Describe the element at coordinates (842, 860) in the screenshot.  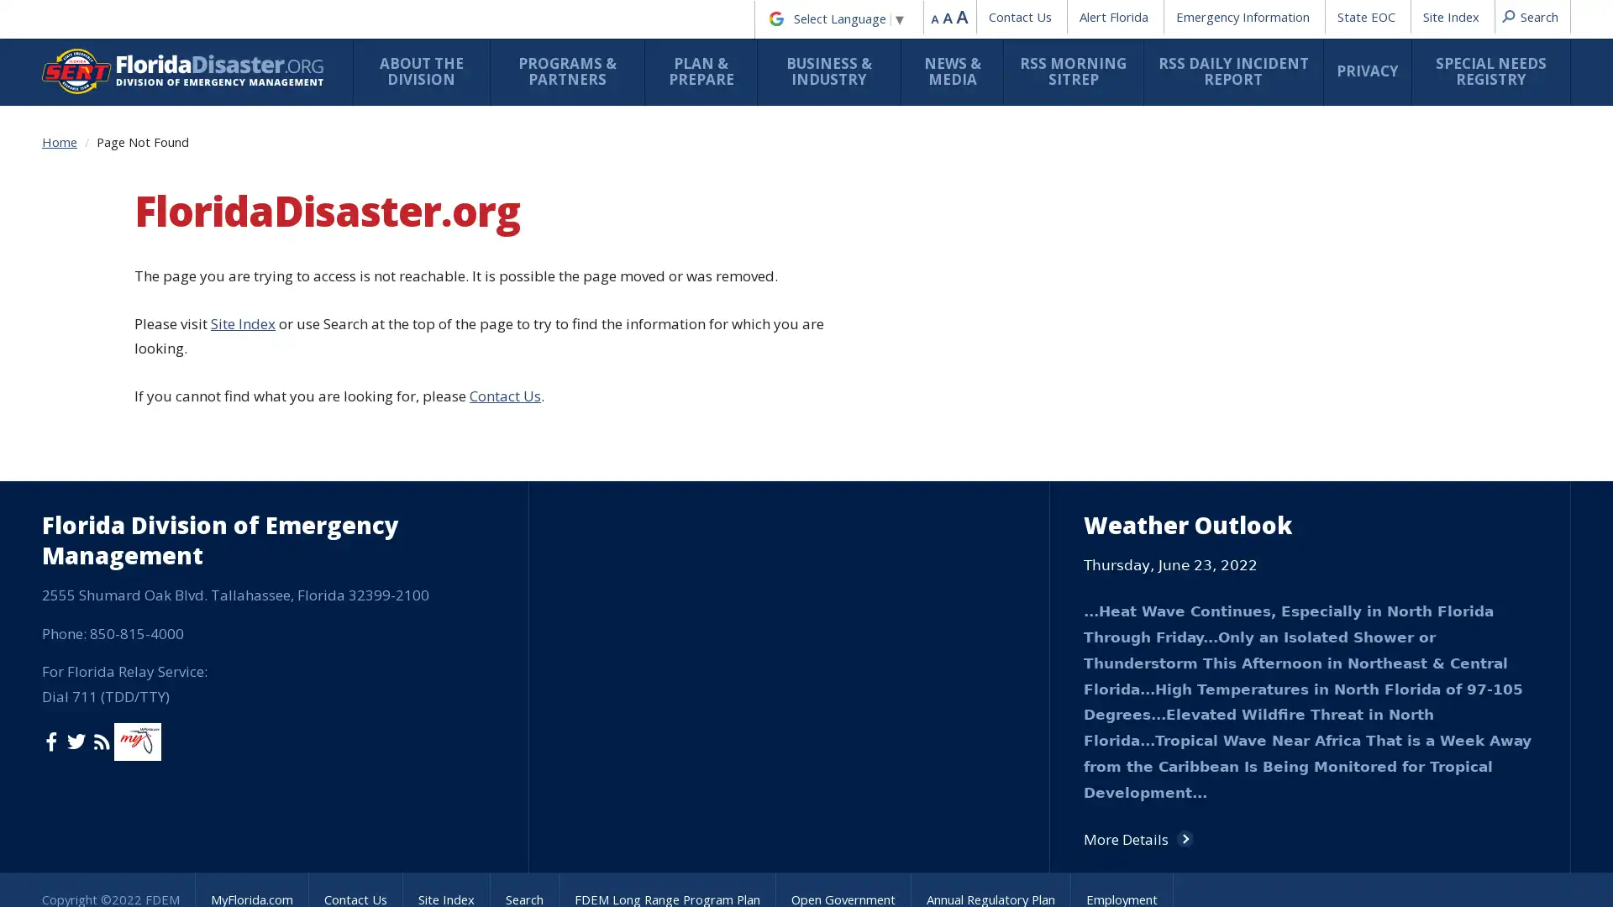
I see `Toggle More` at that location.